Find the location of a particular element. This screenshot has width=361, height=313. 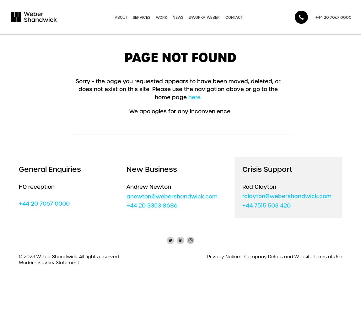

'#WORKATWEBER' is located at coordinates (204, 17).